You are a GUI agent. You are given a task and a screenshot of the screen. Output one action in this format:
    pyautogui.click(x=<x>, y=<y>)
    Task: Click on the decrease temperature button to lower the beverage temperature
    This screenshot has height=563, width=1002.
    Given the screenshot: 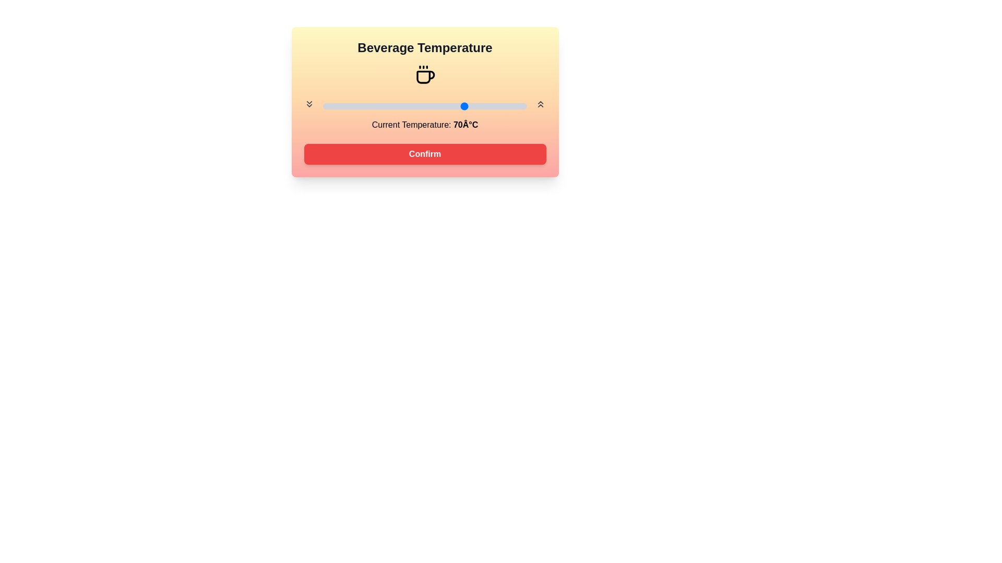 What is the action you would take?
    pyautogui.click(x=308, y=104)
    